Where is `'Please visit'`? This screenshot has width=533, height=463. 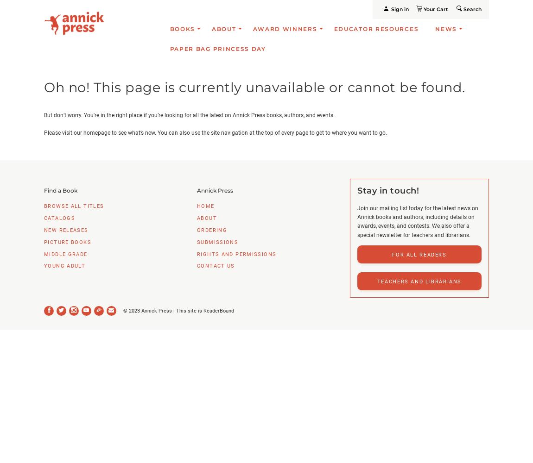
'Please visit' is located at coordinates (58, 133).